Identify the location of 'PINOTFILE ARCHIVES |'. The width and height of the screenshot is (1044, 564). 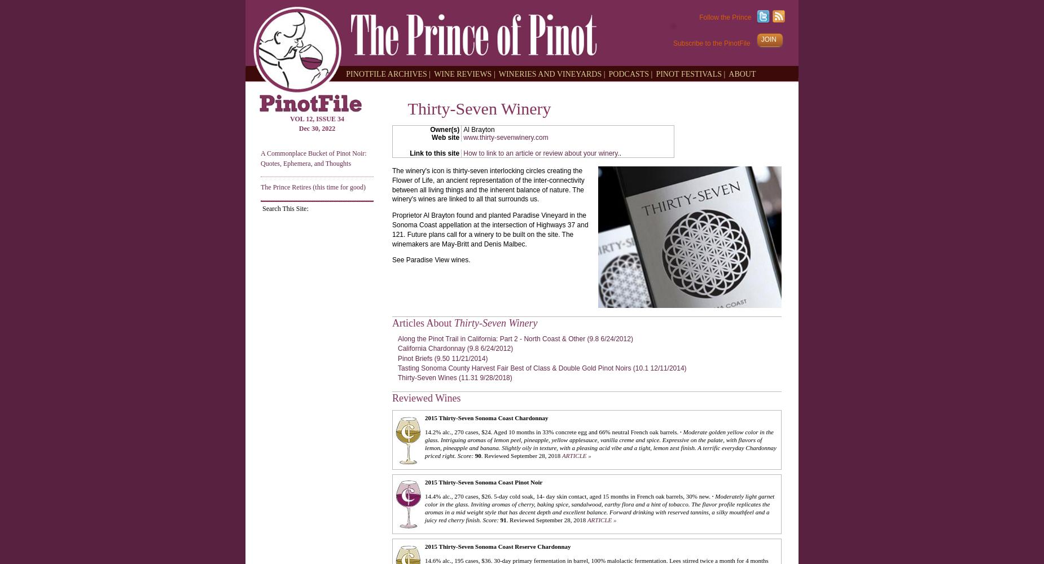
(388, 73).